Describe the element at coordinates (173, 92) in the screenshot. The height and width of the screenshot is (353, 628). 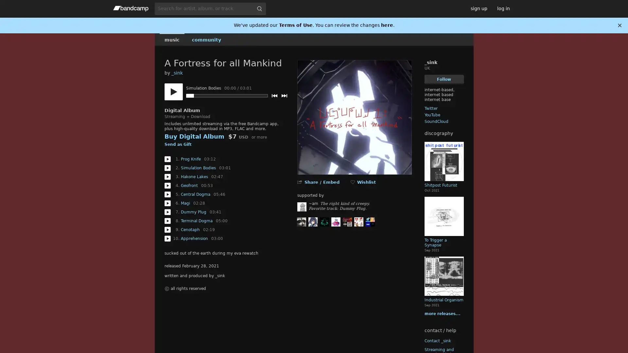
I see `Play/pause` at that location.